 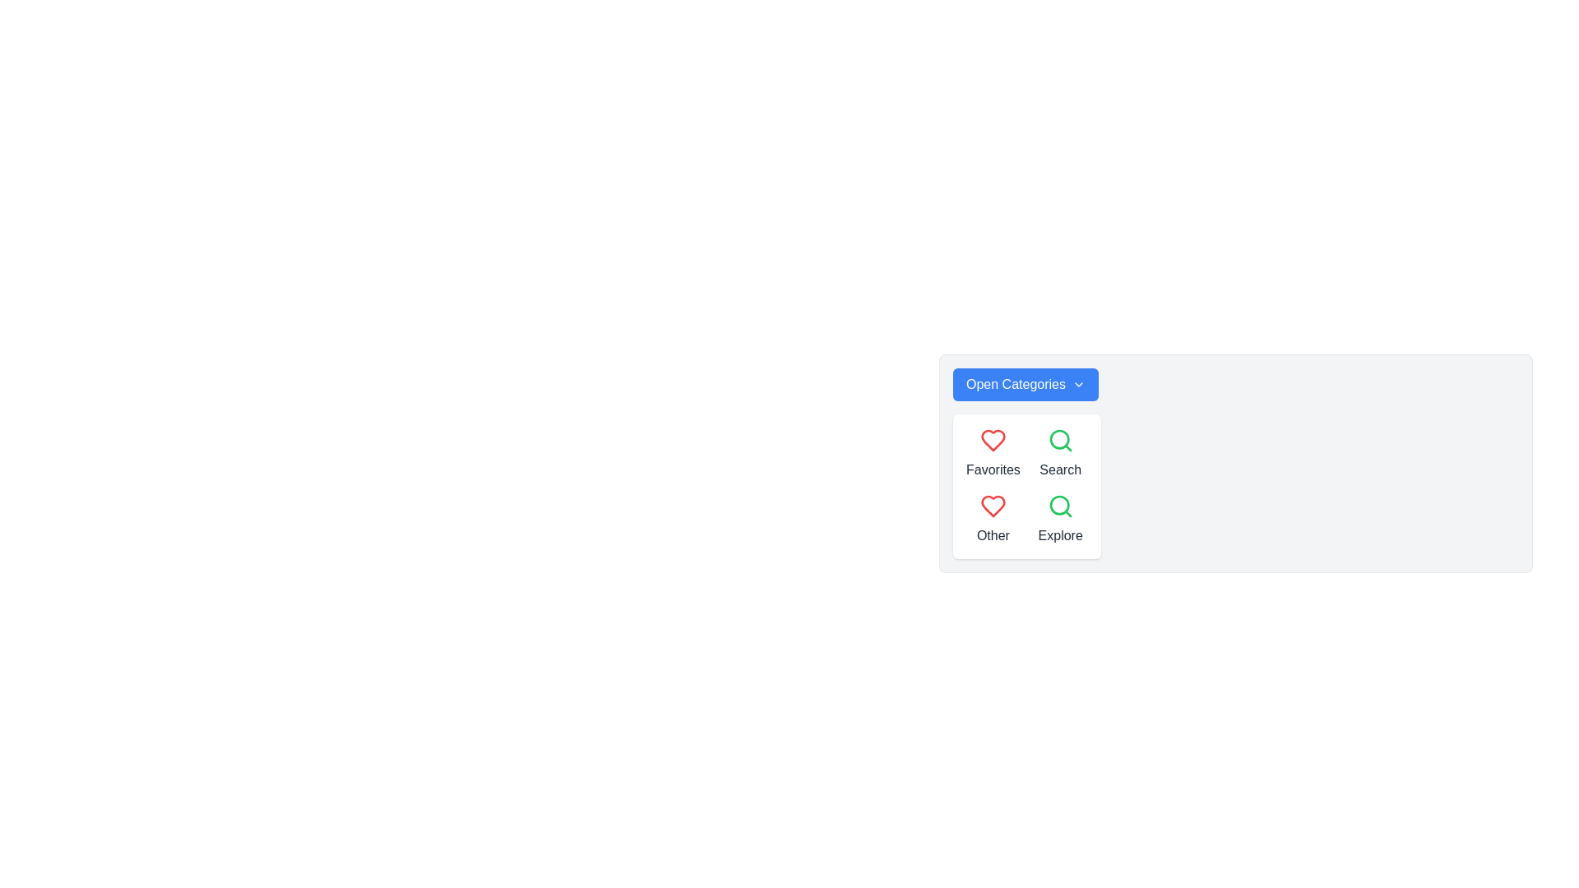 I want to click on the 'Categories' dropdown button located at the top of the section, so click(x=1025, y=384).